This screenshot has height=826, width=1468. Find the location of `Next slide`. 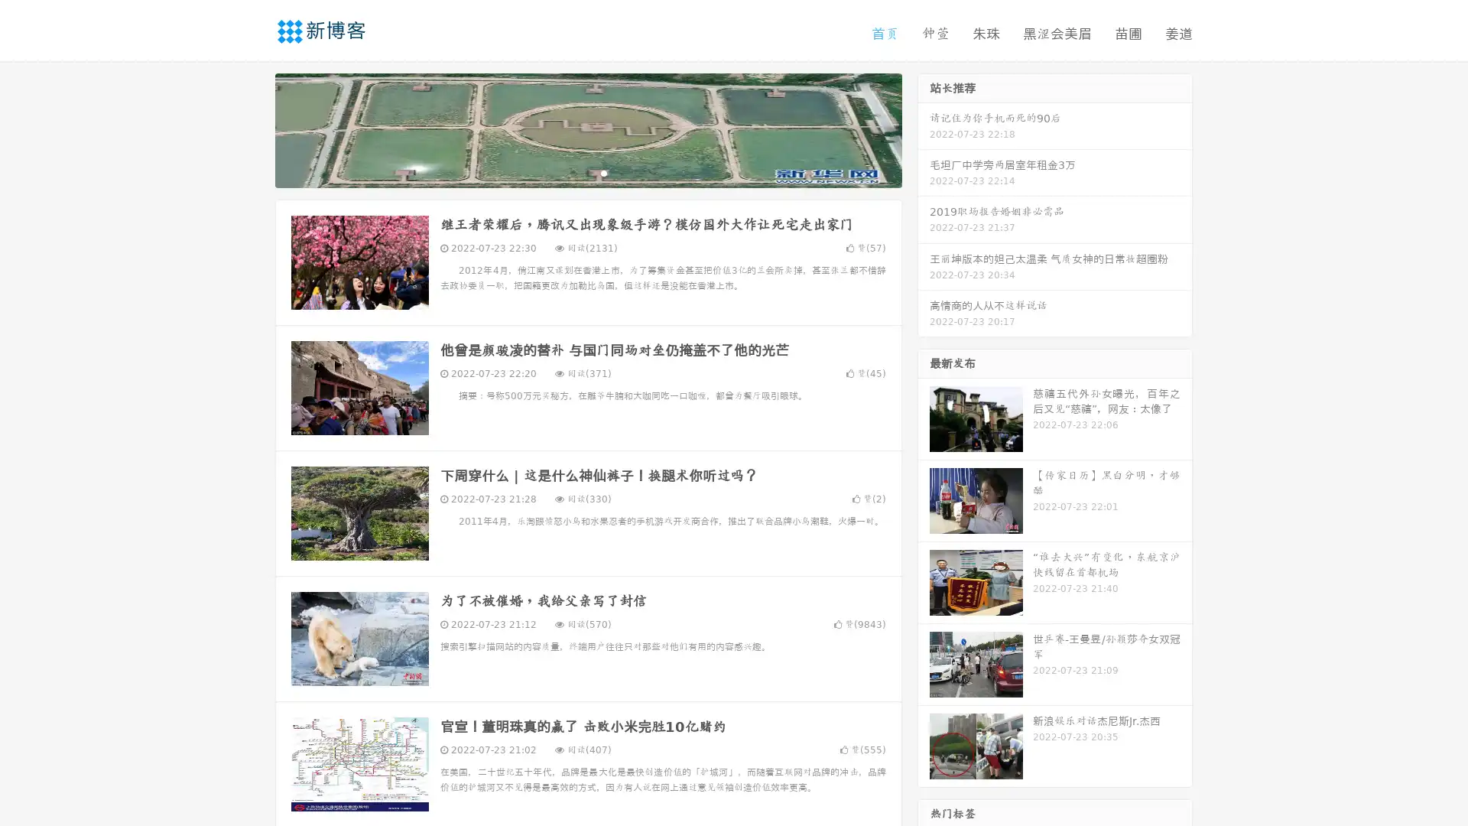

Next slide is located at coordinates (924, 128).